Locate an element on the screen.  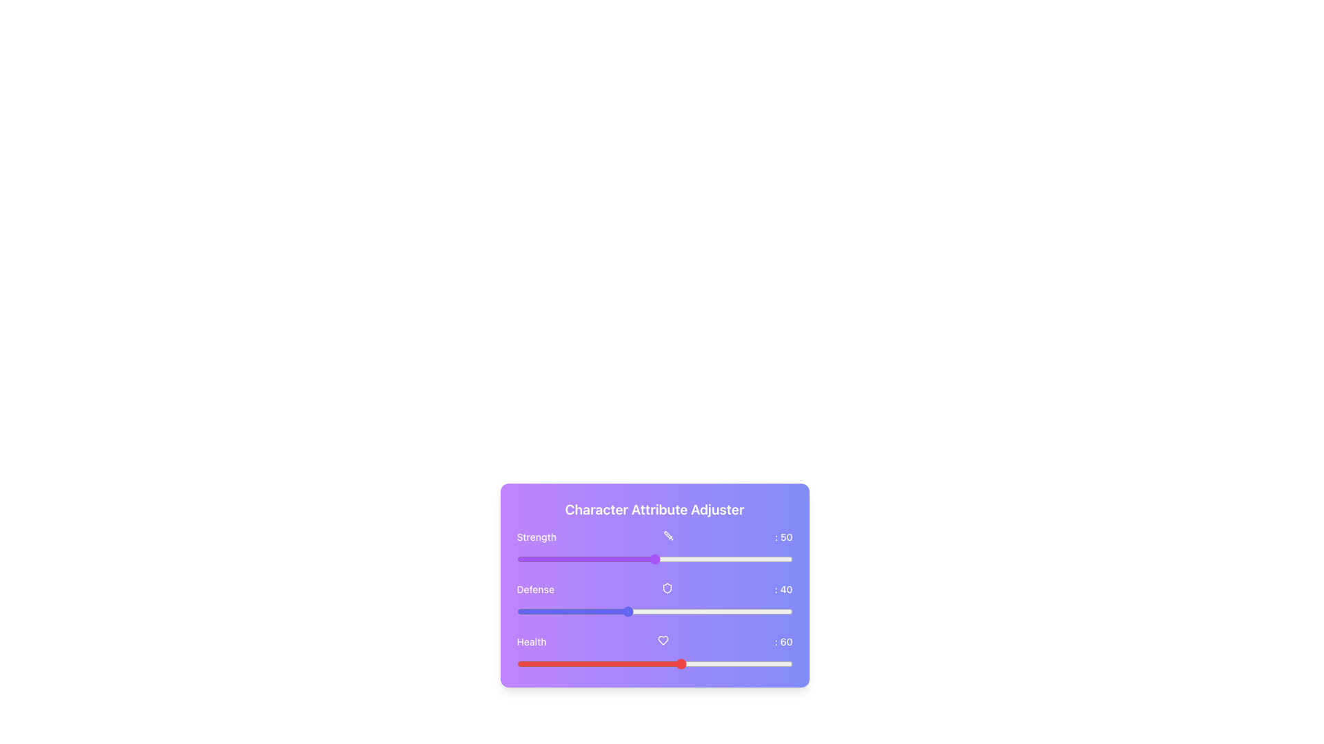
the Strength value is located at coordinates (569, 559).